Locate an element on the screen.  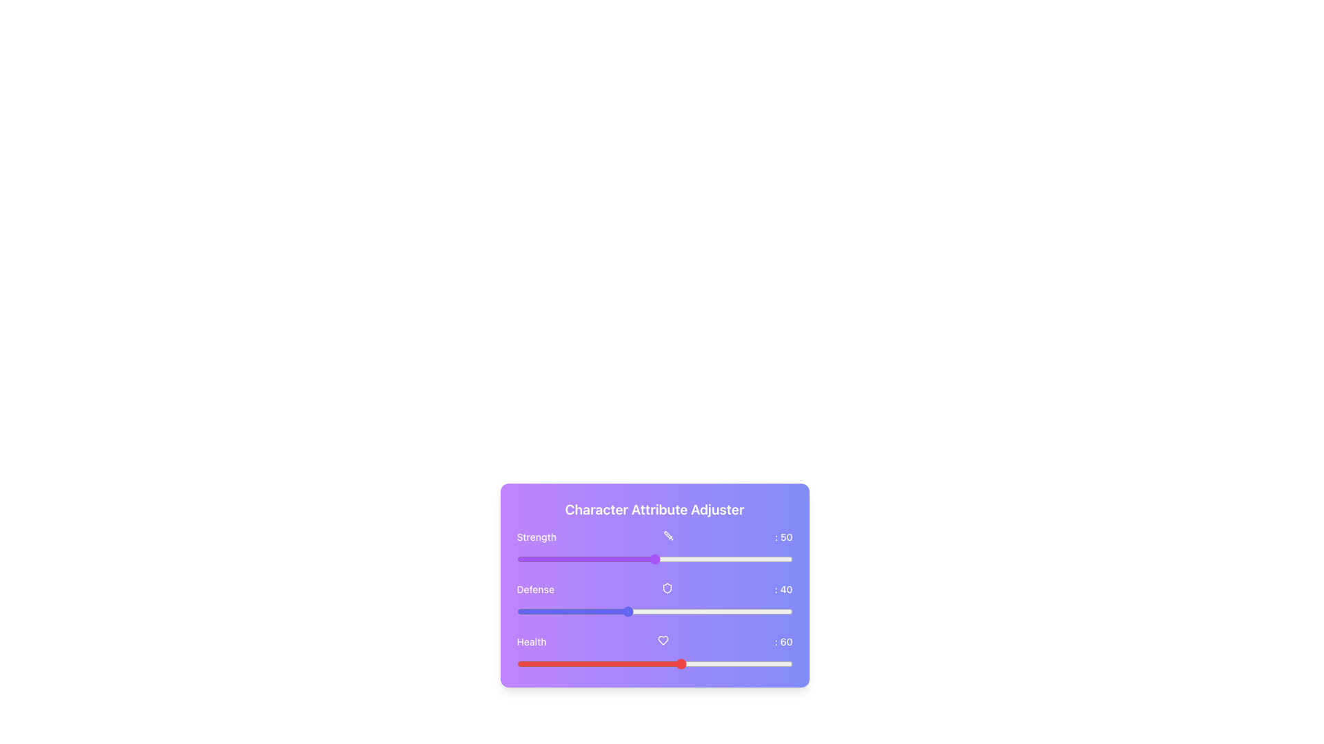
the Strength value is located at coordinates (569, 559).